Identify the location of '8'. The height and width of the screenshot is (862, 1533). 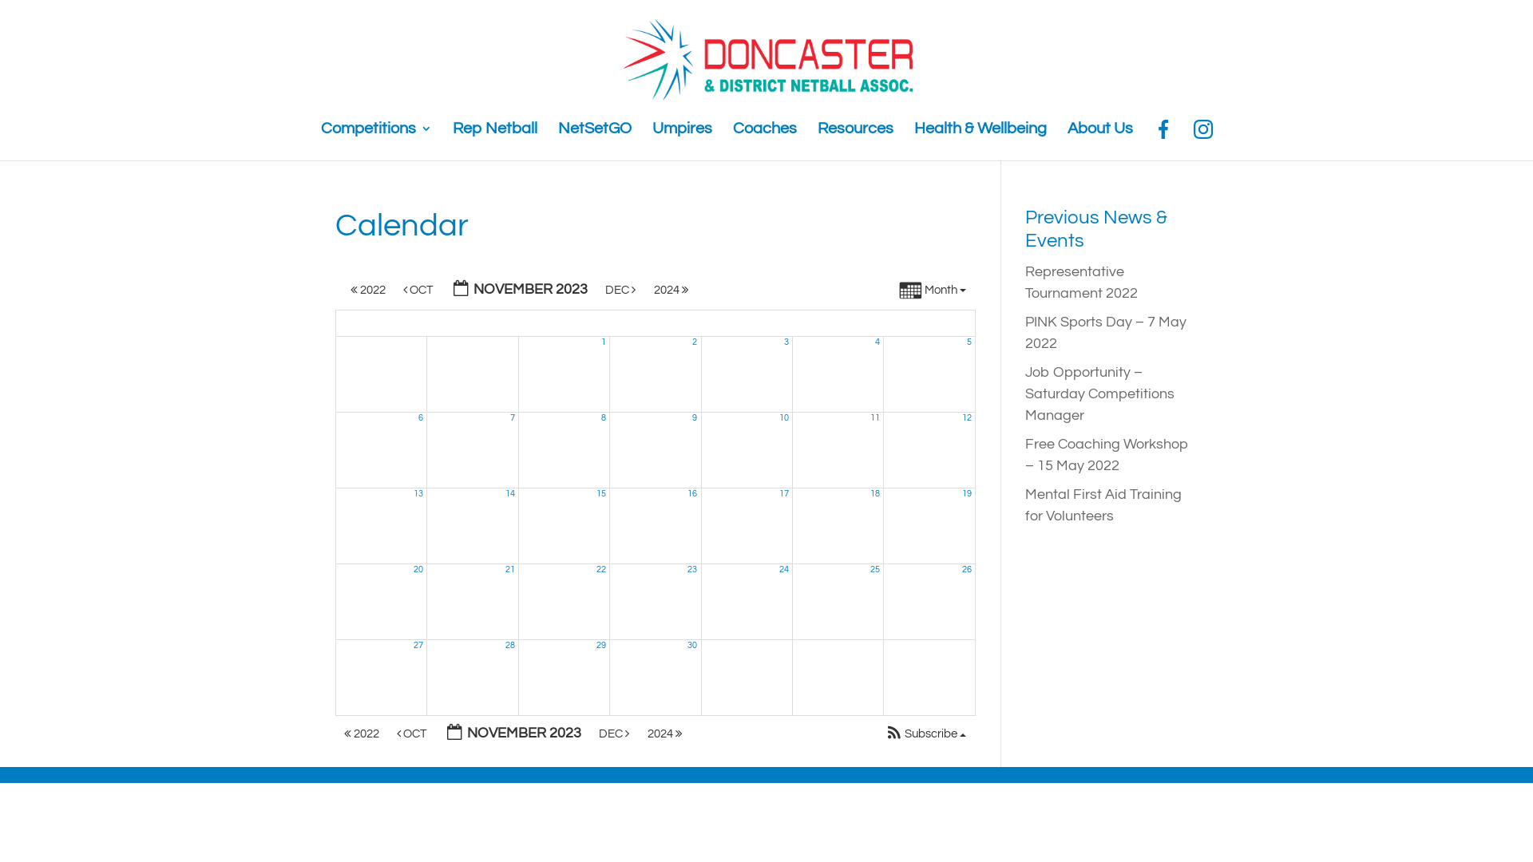
(603, 417).